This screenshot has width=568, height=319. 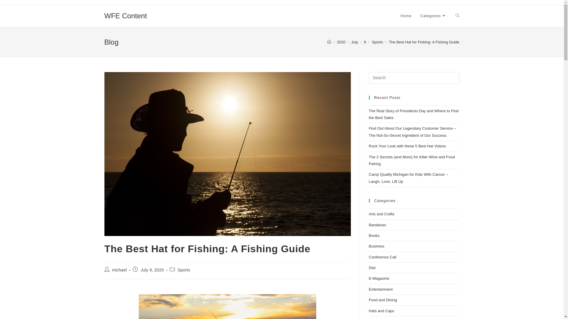 What do you see at coordinates (373, 235) in the screenshot?
I see `'Books'` at bounding box center [373, 235].